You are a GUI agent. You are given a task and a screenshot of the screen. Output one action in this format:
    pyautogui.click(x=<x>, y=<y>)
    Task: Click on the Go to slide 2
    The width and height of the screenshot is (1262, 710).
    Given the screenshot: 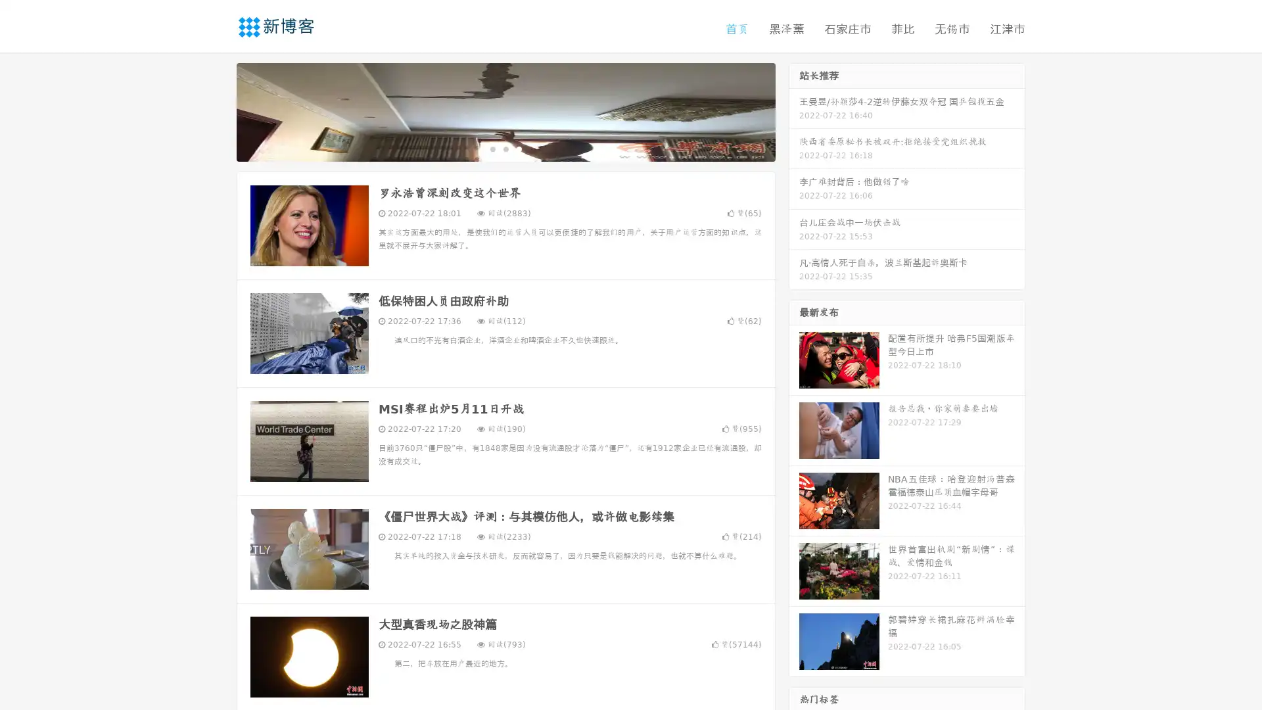 What is the action you would take?
    pyautogui.click(x=505, y=148)
    